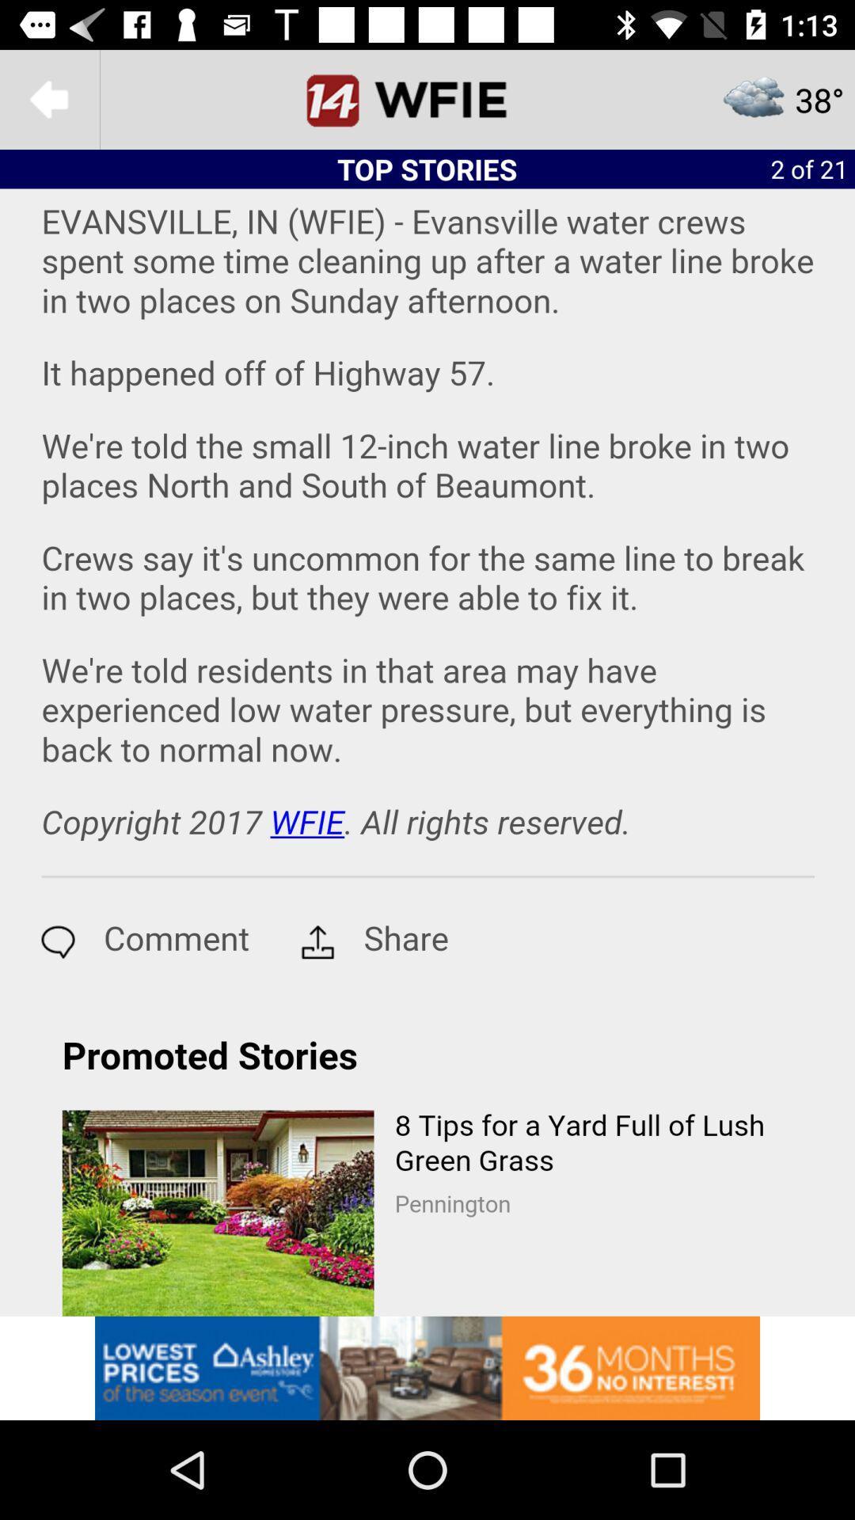 This screenshot has width=855, height=1520. Describe the element at coordinates (427, 98) in the screenshot. I see `go home` at that location.